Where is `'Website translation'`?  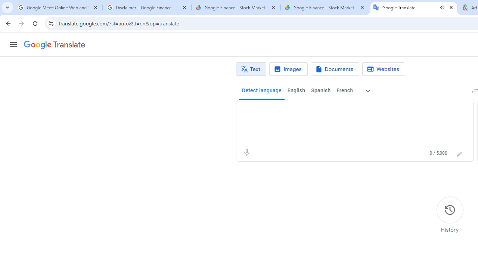
'Website translation' is located at coordinates (384, 69).